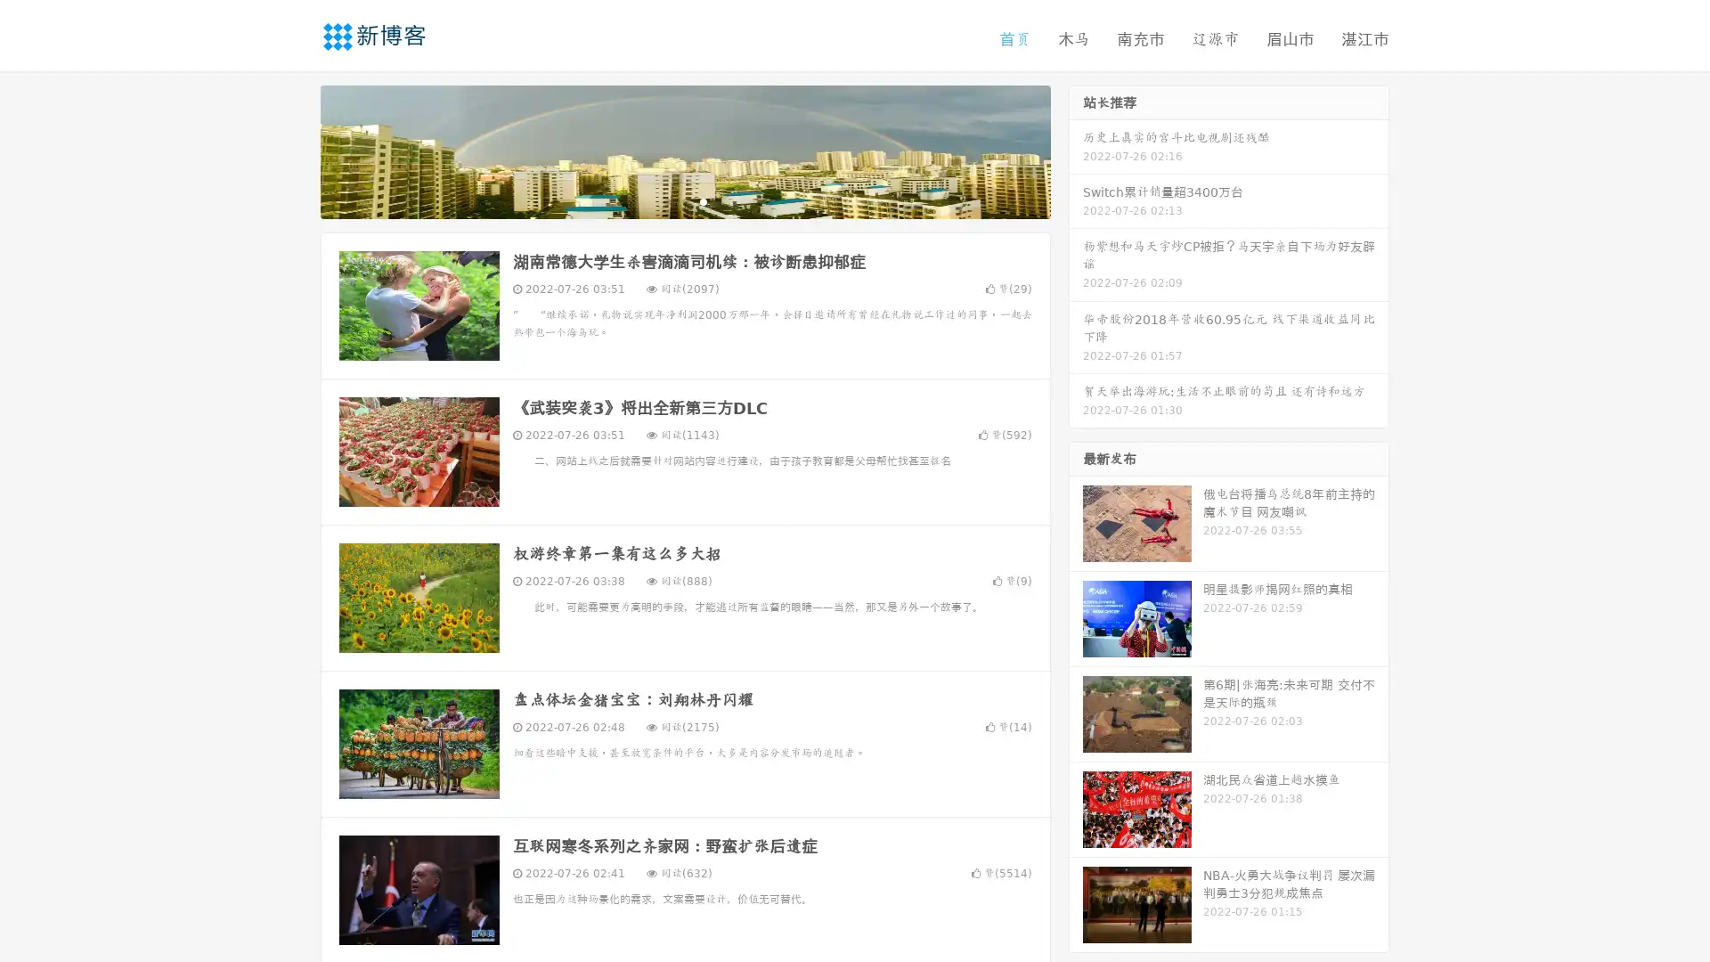  Describe the element at coordinates (294, 150) in the screenshot. I see `Previous slide` at that location.